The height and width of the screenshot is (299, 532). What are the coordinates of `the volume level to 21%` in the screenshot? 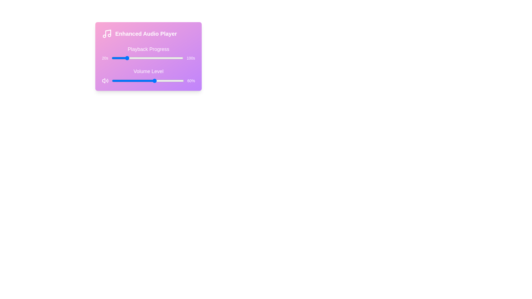 It's located at (127, 81).